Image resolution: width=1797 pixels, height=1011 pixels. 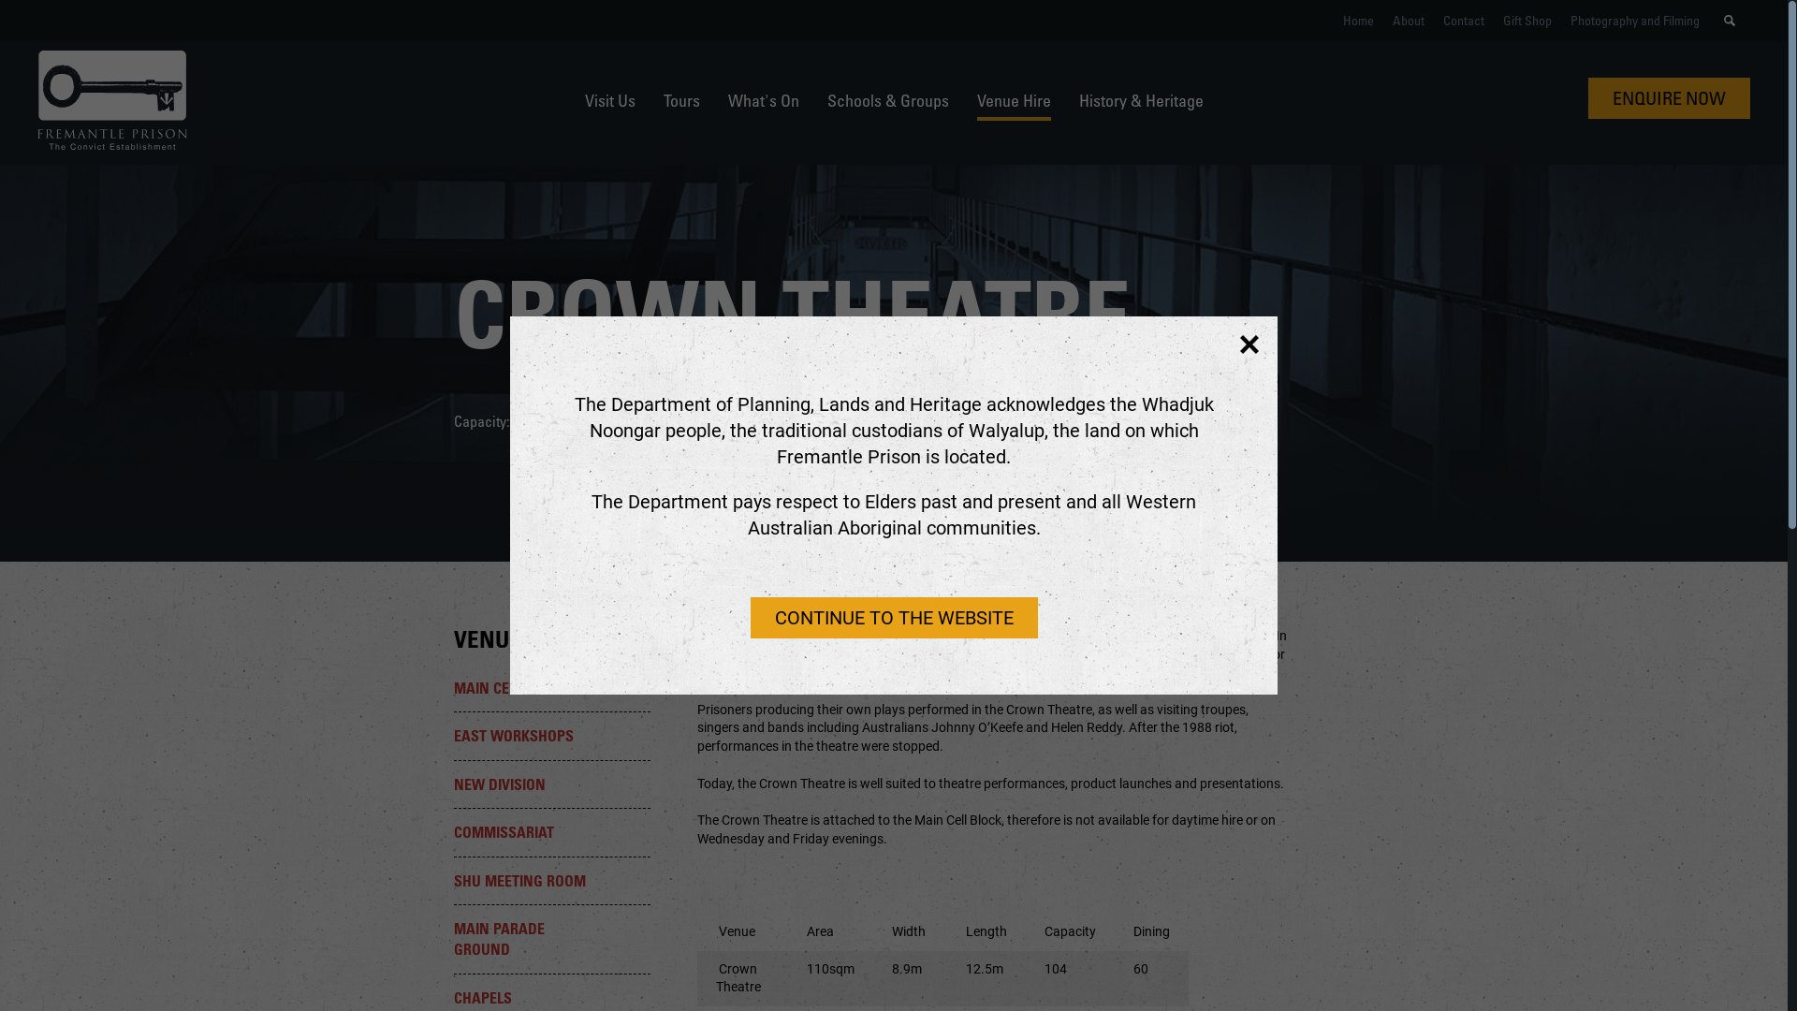 What do you see at coordinates (551, 938) in the screenshot?
I see `'MAIN PARADE GROUND'` at bounding box center [551, 938].